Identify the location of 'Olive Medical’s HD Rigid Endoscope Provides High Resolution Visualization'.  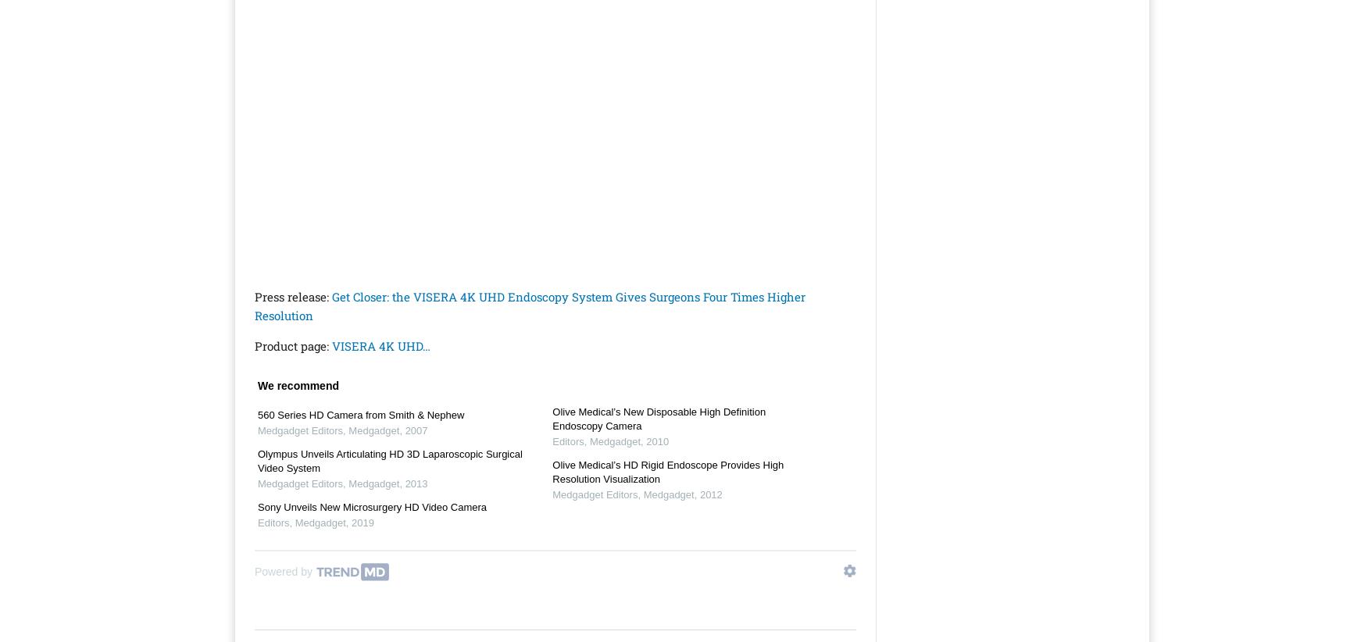
(552, 471).